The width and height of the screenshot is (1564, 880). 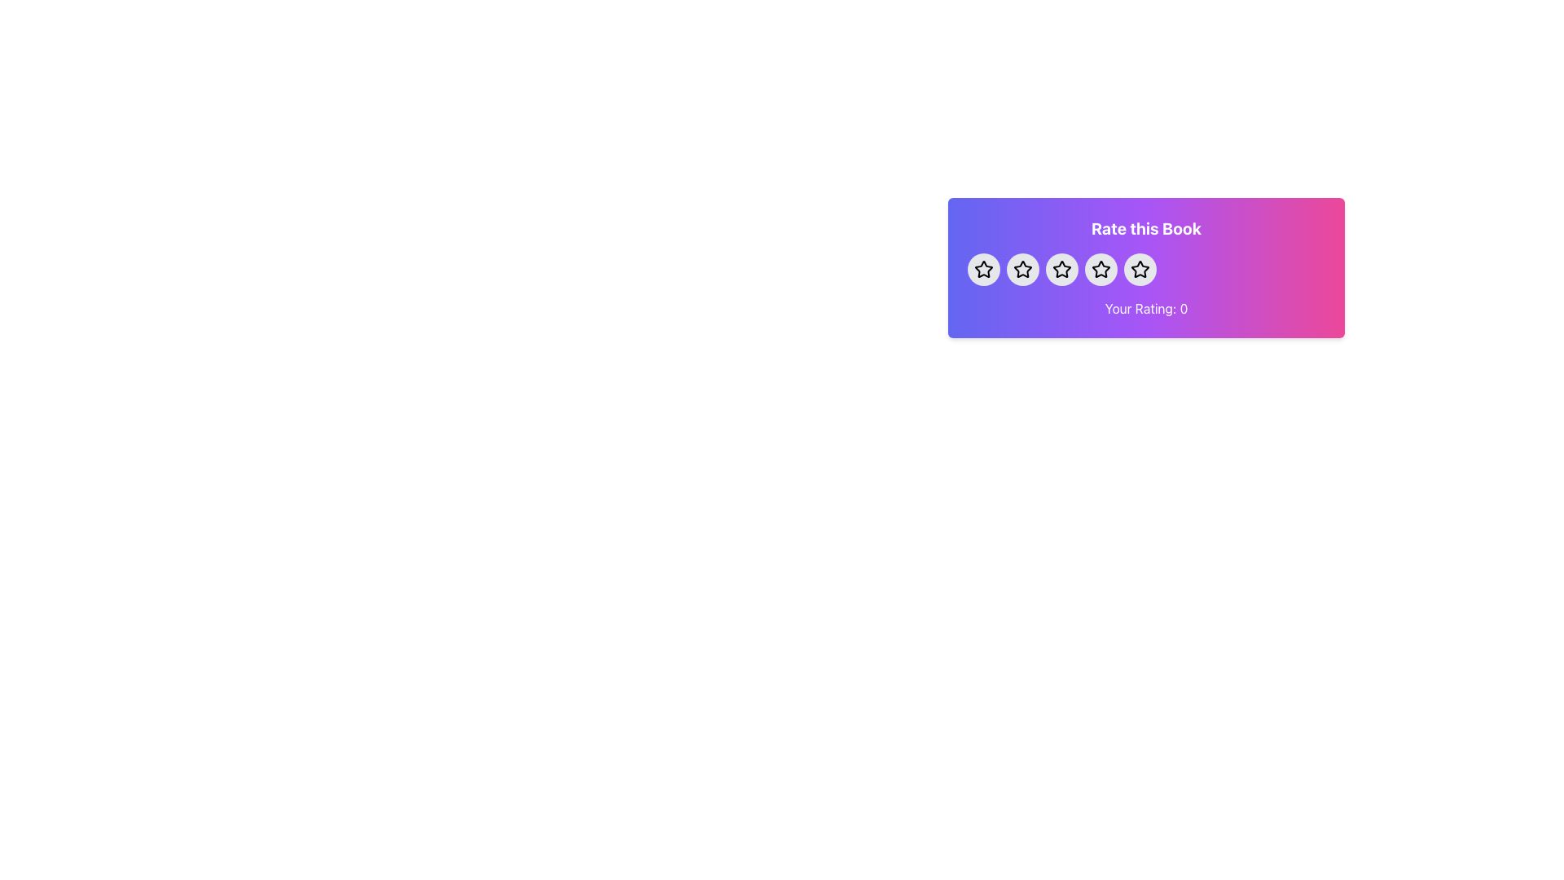 What do you see at coordinates (1022, 269) in the screenshot?
I see `the second star-shaped icon button for accessibility navigation within the 'Rate this Book' rating card` at bounding box center [1022, 269].